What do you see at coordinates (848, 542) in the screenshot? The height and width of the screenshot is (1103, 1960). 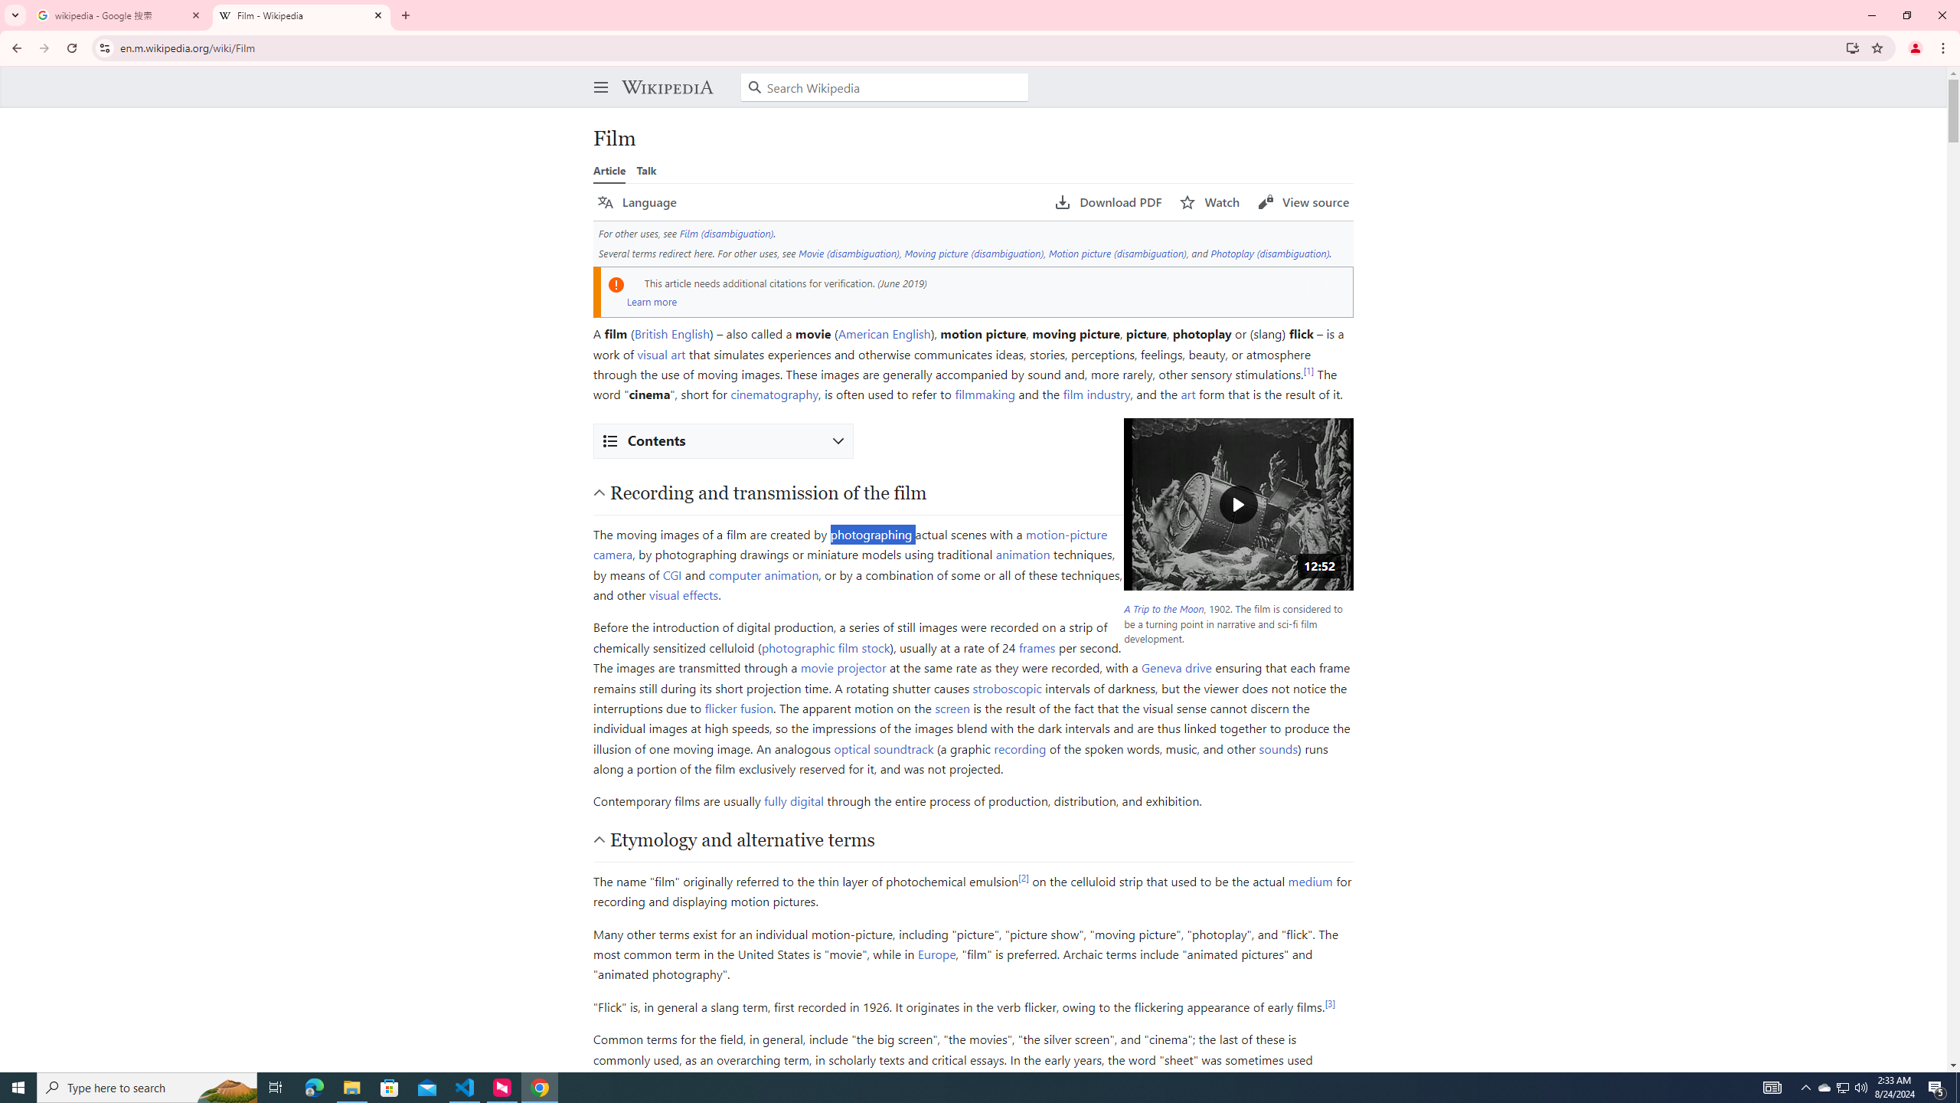 I see `'motion-picture camera'` at bounding box center [848, 542].